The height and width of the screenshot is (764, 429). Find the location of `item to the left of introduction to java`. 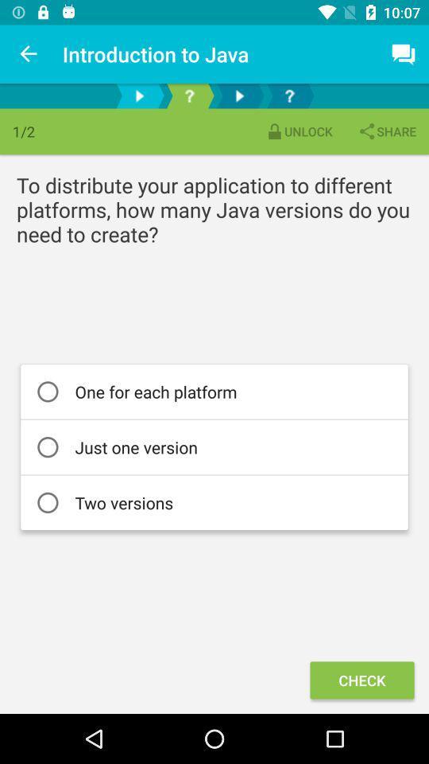

item to the left of introduction to java is located at coordinates (29, 54).